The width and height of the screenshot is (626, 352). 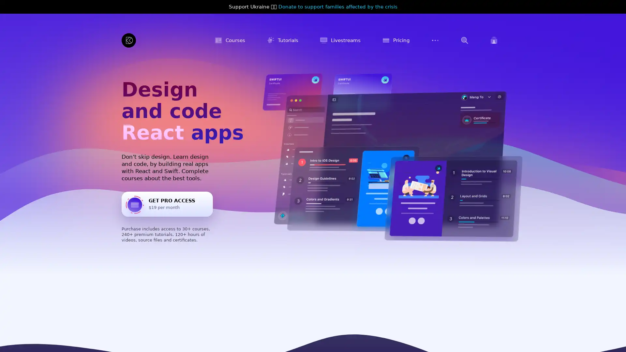 What do you see at coordinates (494, 40) in the screenshot?
I see `undefined icon` at bounding box center [494, 40].